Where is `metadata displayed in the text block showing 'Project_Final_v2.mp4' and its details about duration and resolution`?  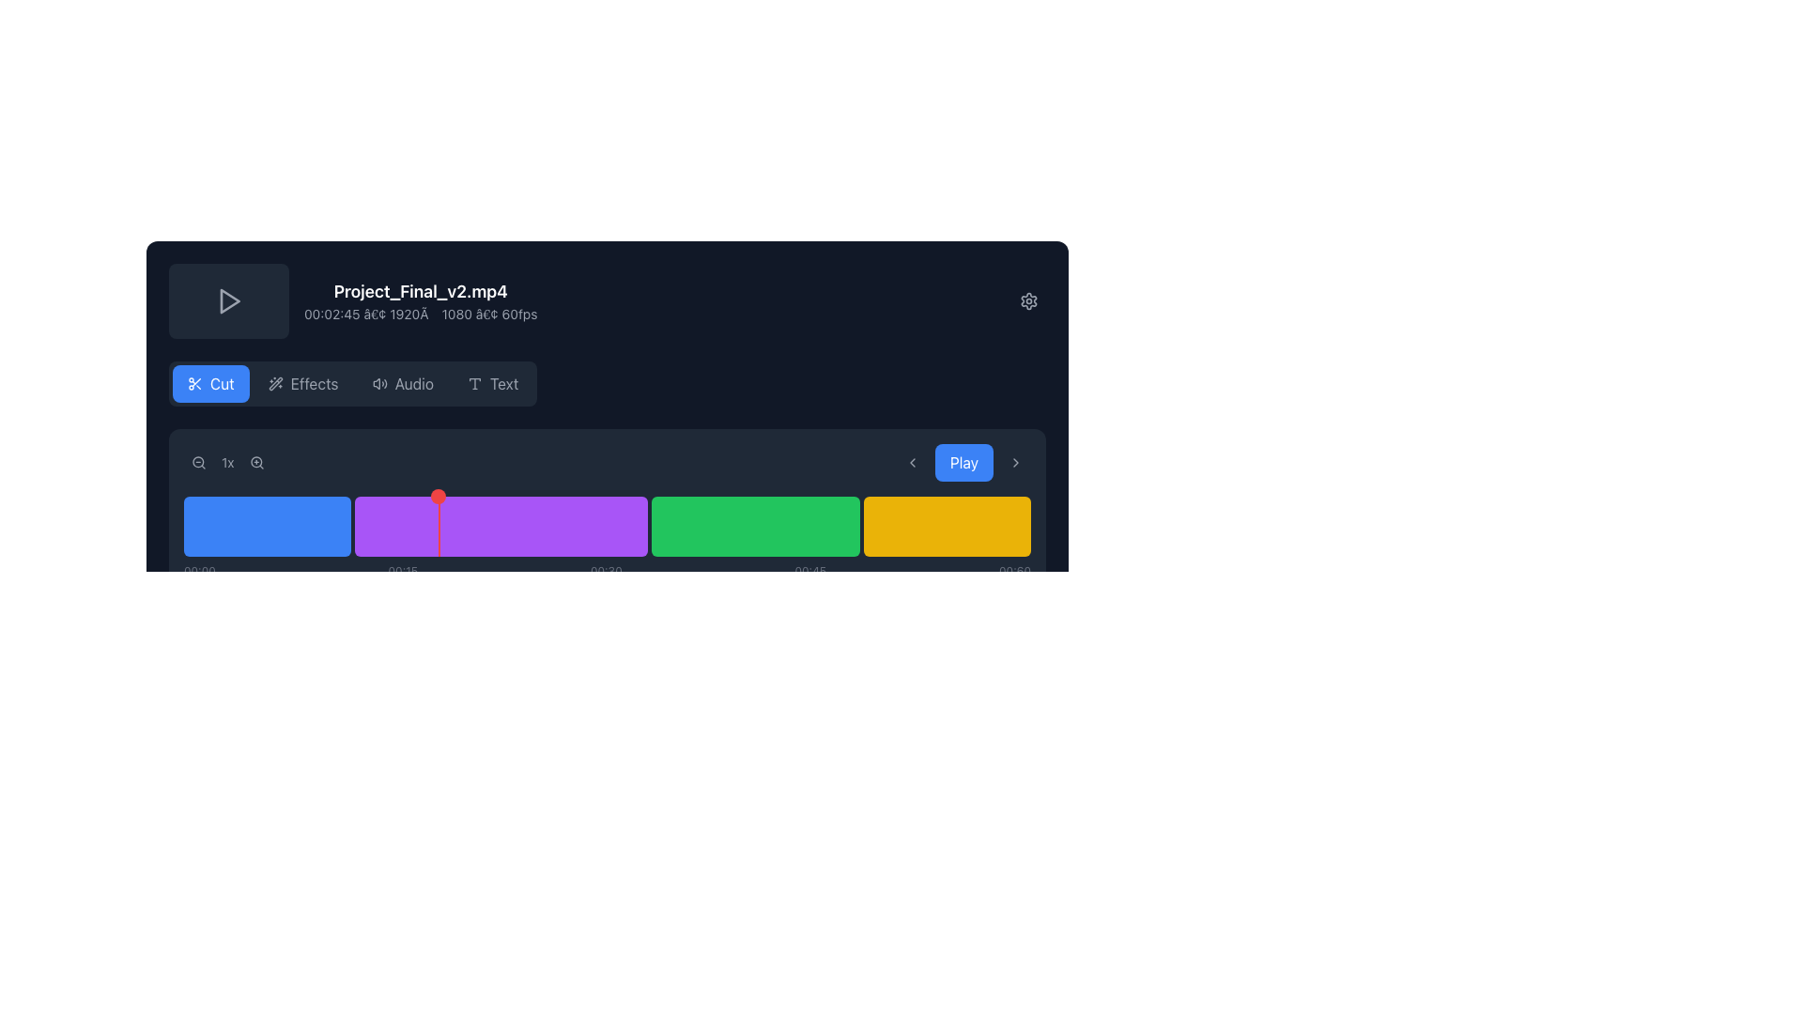 metadata displayed in the text block showing 'Project_Final_v2.mp4' and its details about duration and resolution is located at coordinates (420, 300).